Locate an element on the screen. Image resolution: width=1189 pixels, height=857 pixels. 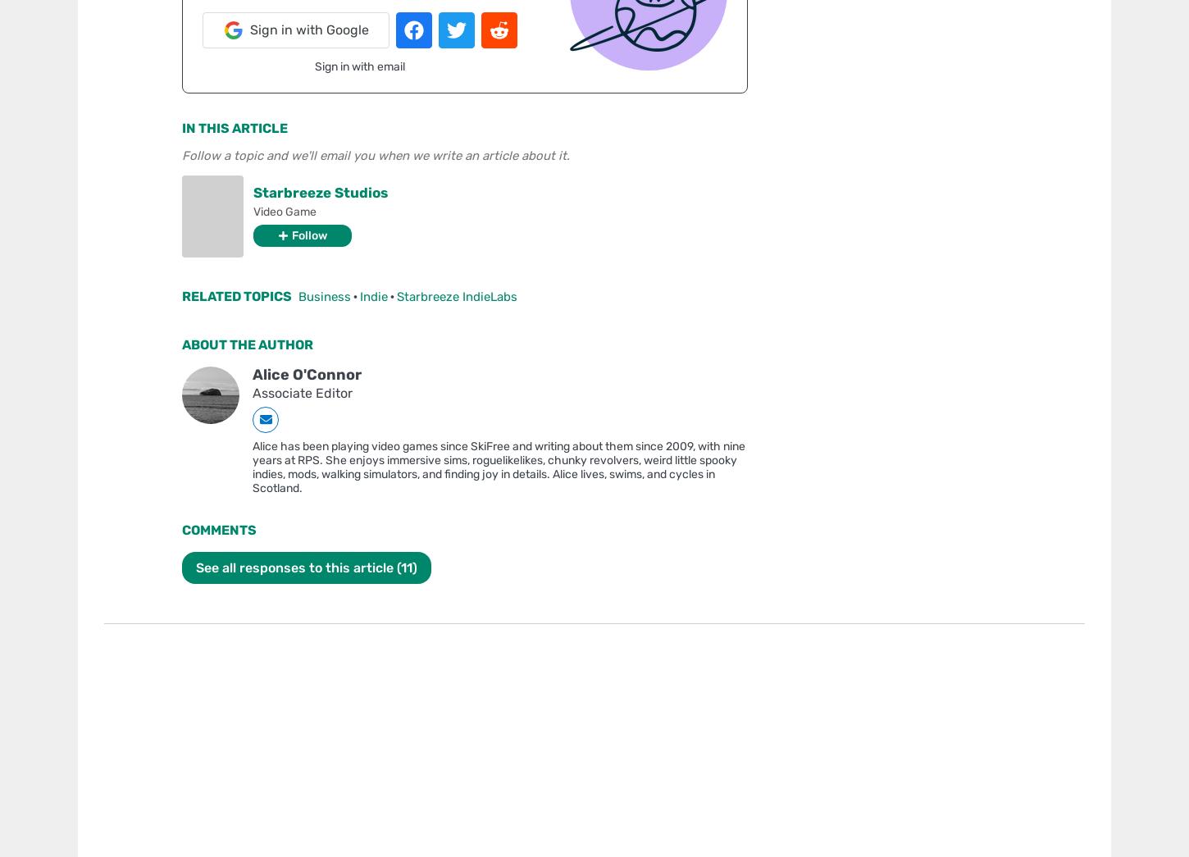
'Follow' is located at coordinates (308, 234).